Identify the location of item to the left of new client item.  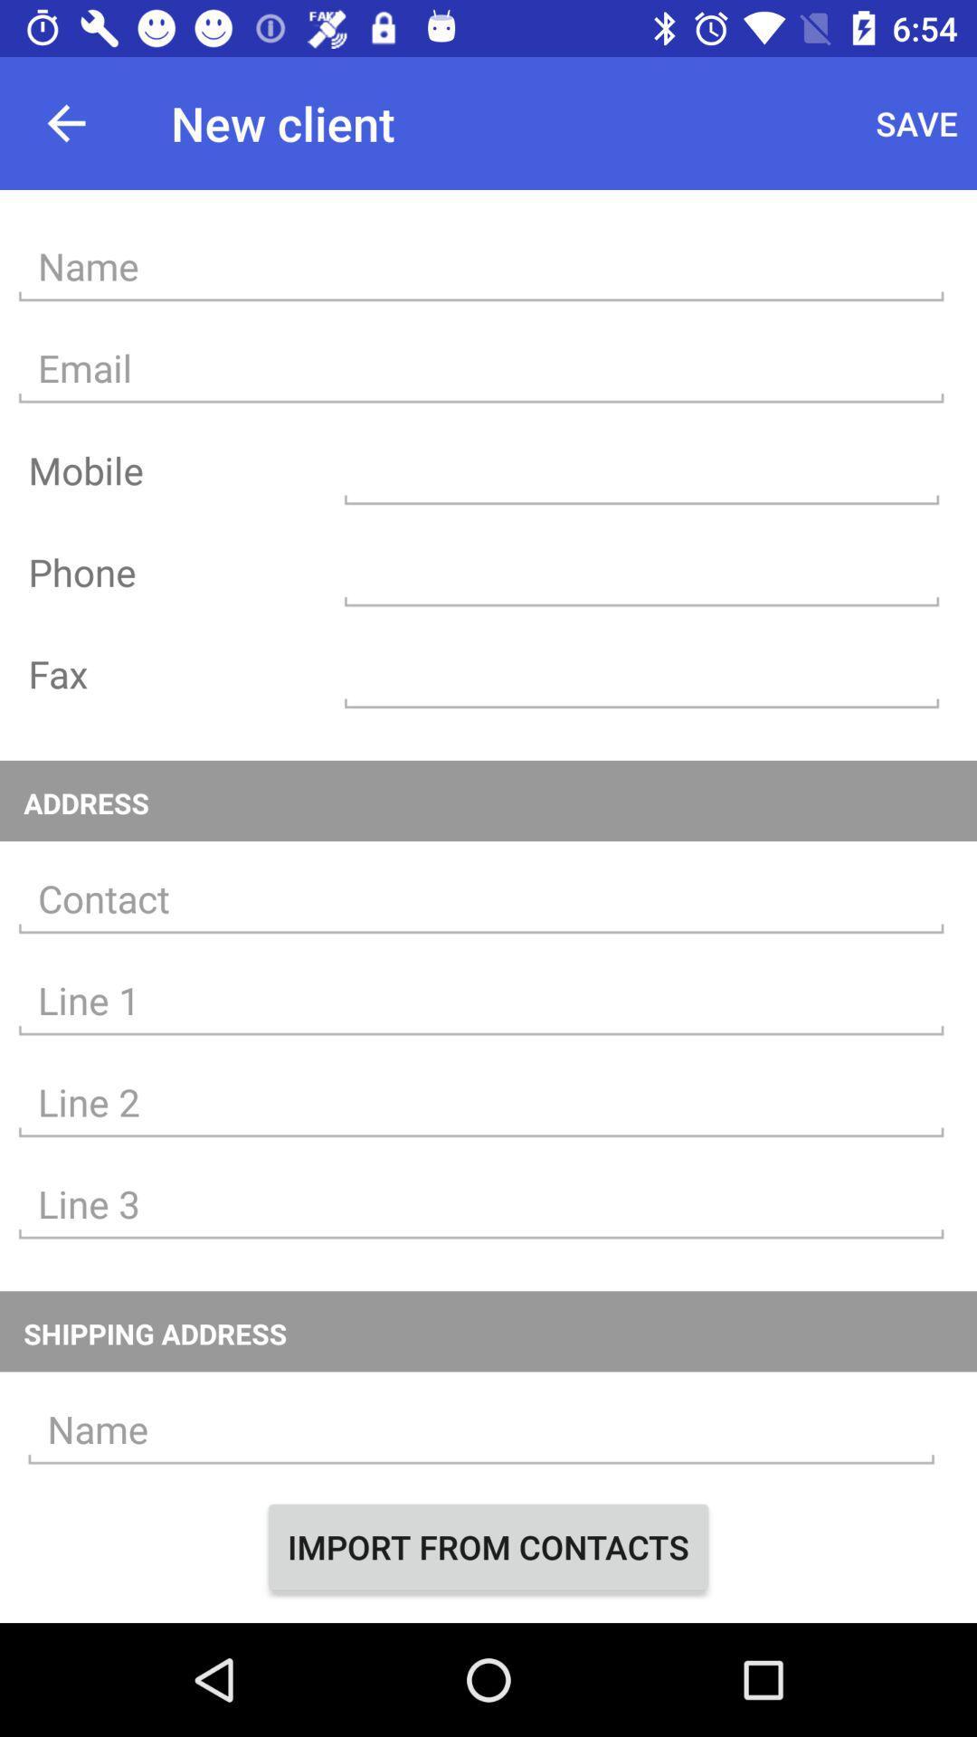
(65, 122).